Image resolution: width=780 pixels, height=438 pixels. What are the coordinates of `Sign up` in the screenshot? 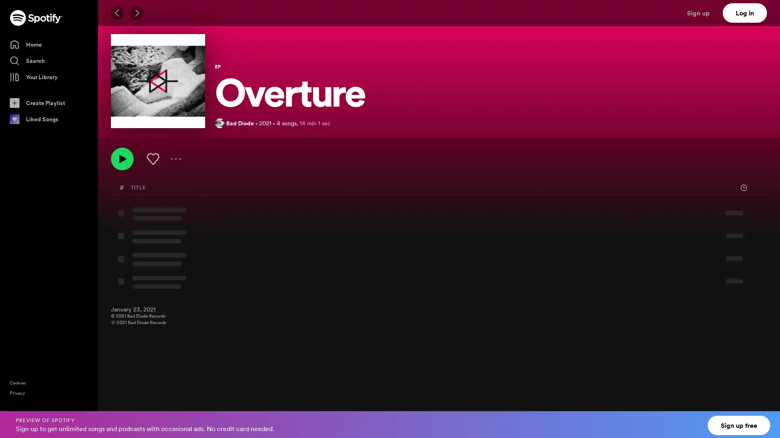 It's located at (703, 13).